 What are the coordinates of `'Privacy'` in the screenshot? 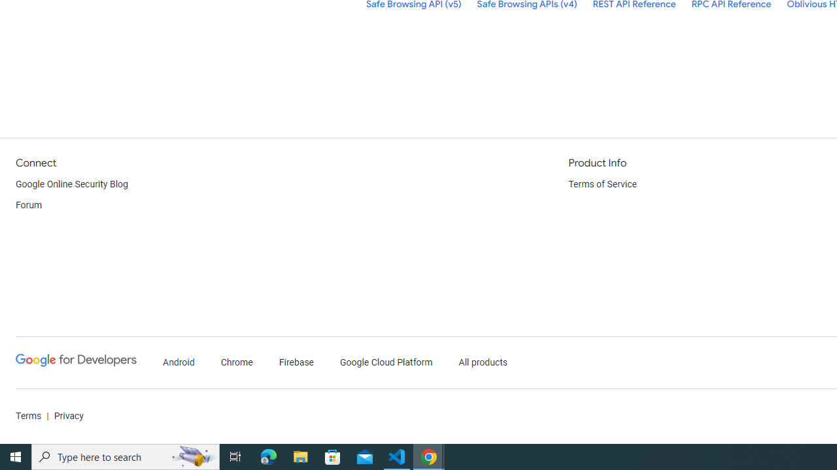 It's located at (67, 416).